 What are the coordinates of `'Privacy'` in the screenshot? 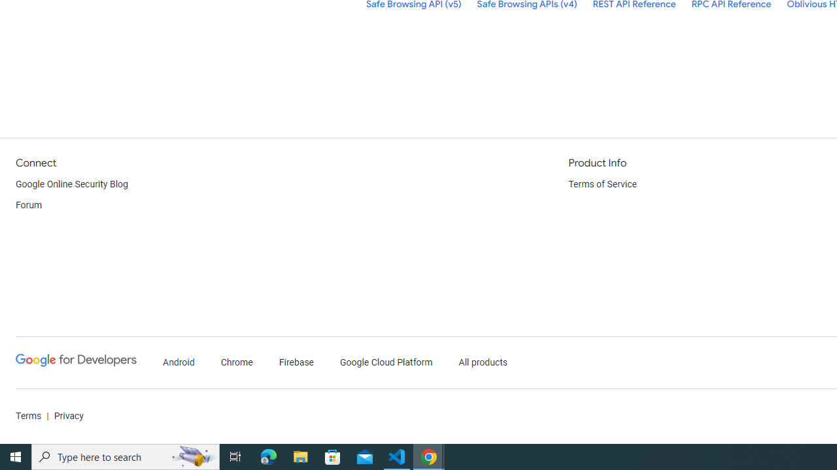 It's located at (67, 416).